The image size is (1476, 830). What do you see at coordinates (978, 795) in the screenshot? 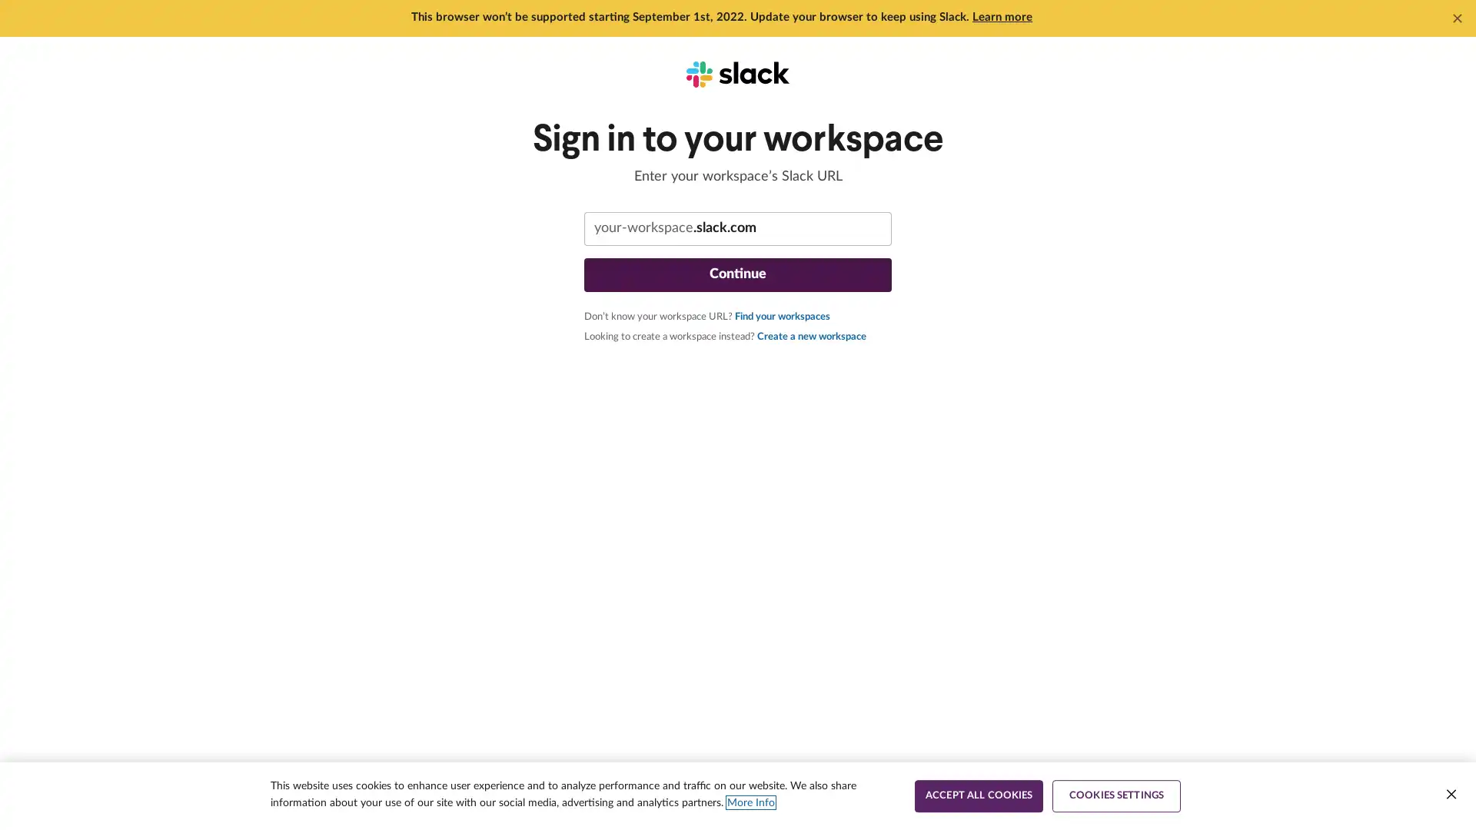
I see `ACCEPT ALL COOKIES` at bounding box center [978, 795].